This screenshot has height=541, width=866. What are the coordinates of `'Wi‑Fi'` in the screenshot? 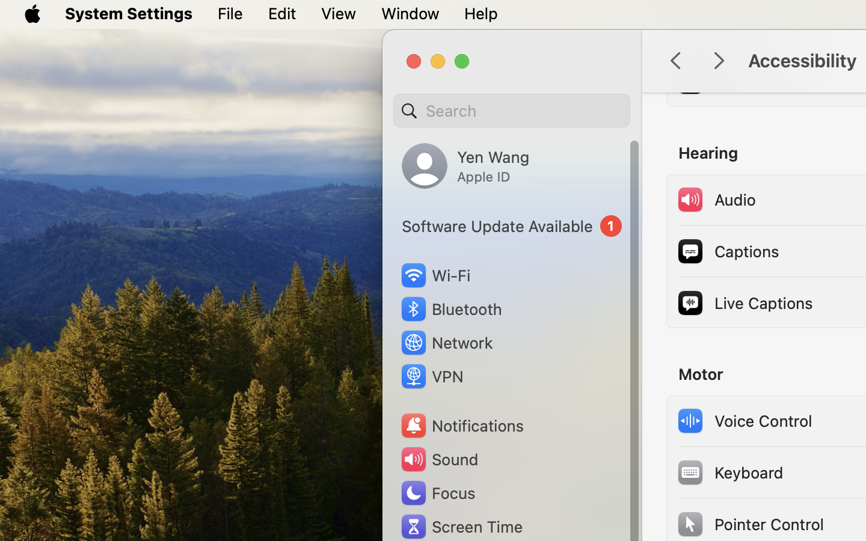 It's located at (434, 275).